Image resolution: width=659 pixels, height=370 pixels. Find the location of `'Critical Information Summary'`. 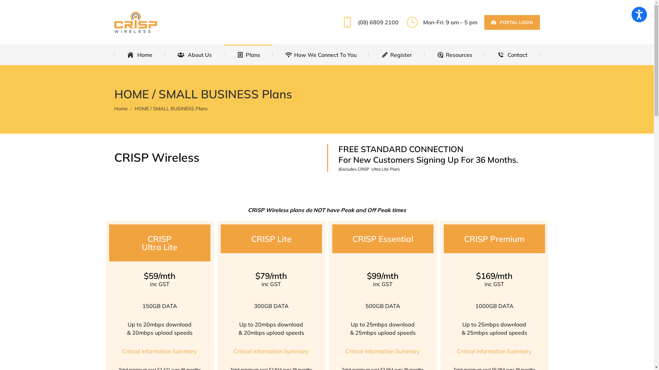

'Critical Information Summary' is located at coordinates (456, 351).